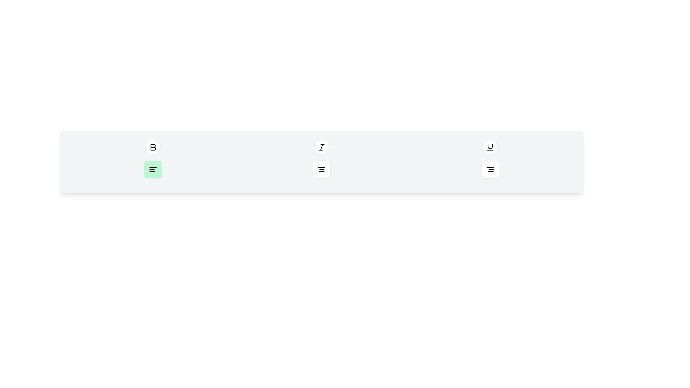  I want to click on the leftmost square-shaped button with a green background and a black icon representing left-aligned text, located in the center panel of the interface, so click(153, 169).